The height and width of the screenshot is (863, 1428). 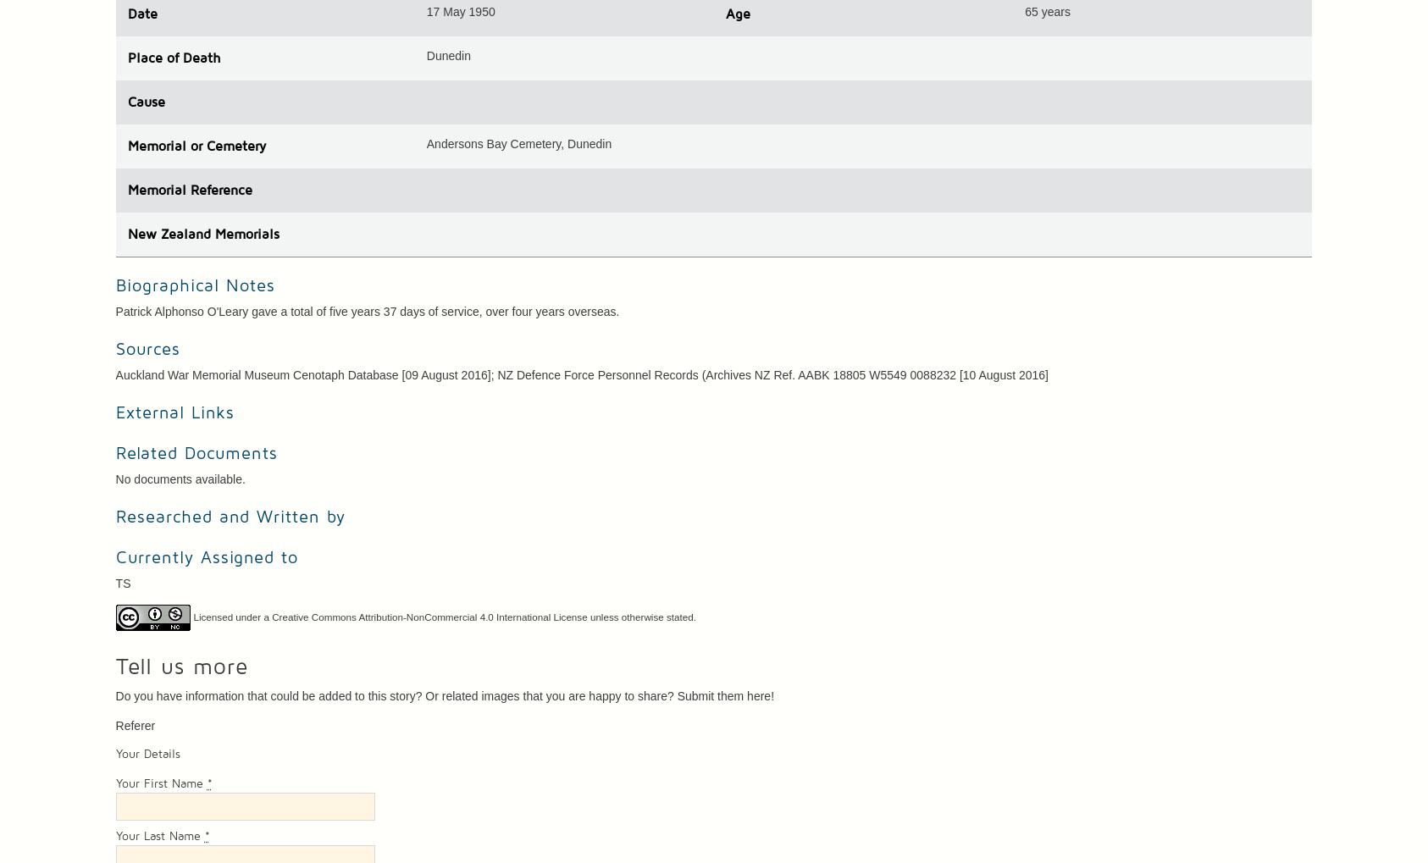 What do you see at coordinates (174, 411) in the screenshot?
I see `'External Links'` at bounding box center [174, 411].